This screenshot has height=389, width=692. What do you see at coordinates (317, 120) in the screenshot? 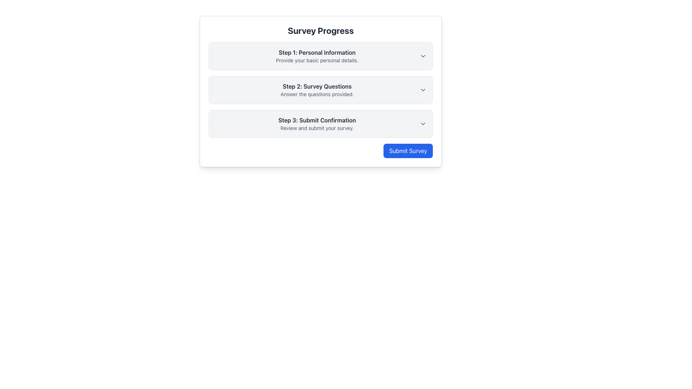
I see `the heading text for the third step of the survey submission process, which is located below 'Step 2: Survey Questions' and above the instruction text 'Review and submit your survey.'` at bounding box center [317, 120].